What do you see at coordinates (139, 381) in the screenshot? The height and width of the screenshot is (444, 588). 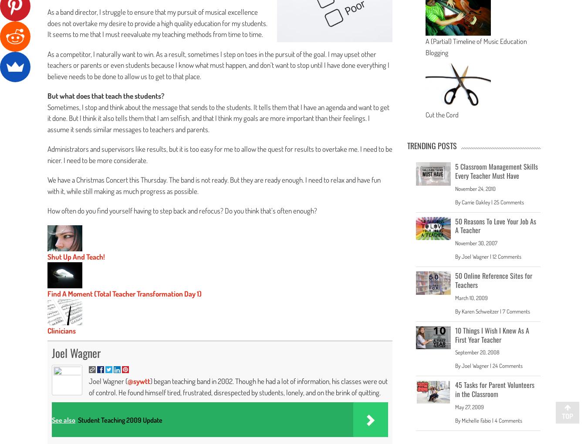 I see `'@sywtt'` at bounding box center [139, 381].